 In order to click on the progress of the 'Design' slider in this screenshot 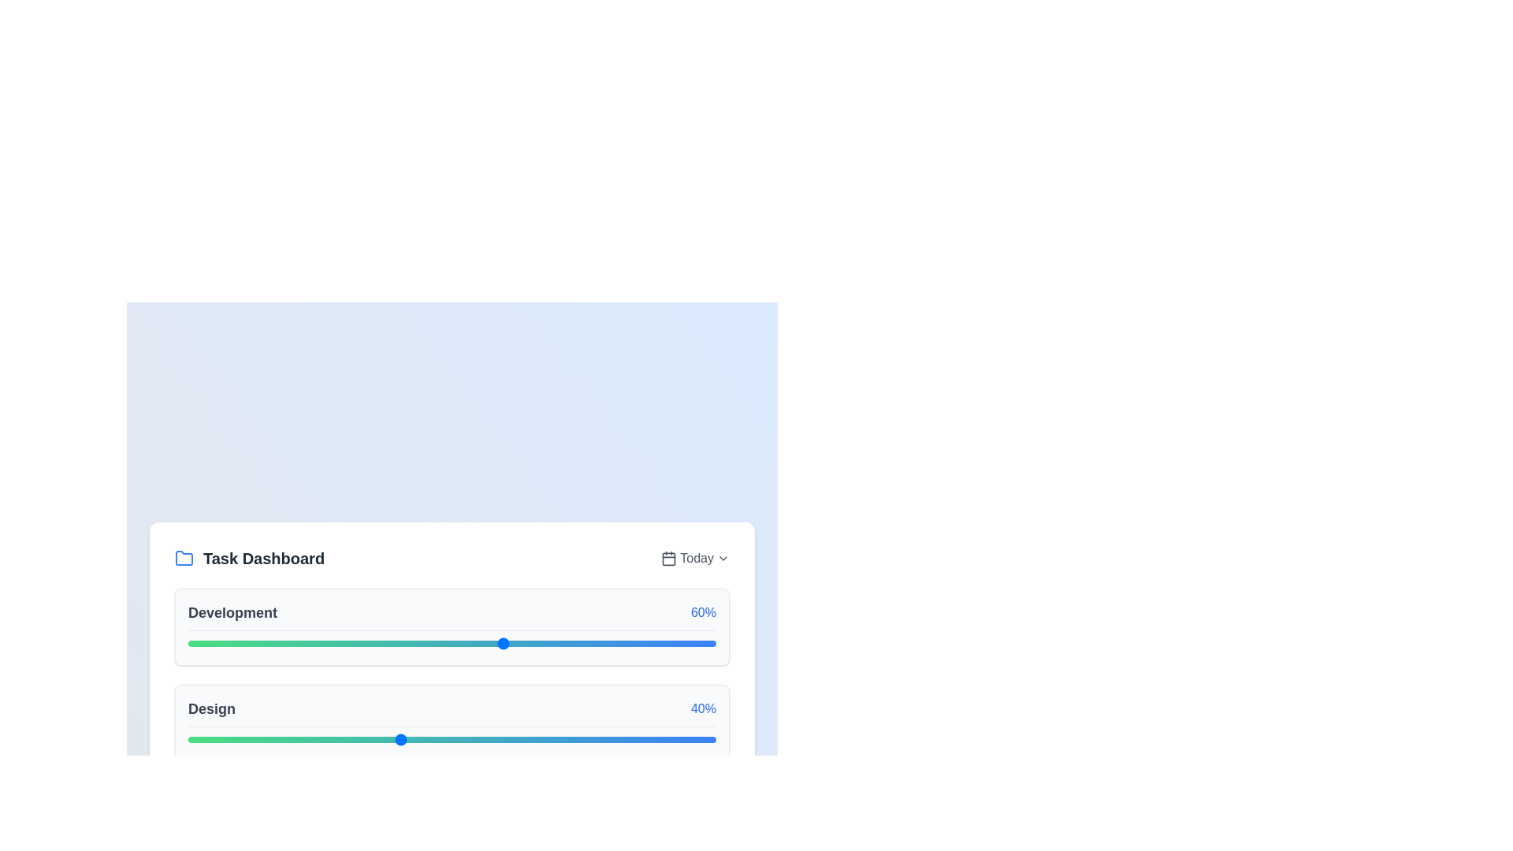, I will do `click(214, 739)`.